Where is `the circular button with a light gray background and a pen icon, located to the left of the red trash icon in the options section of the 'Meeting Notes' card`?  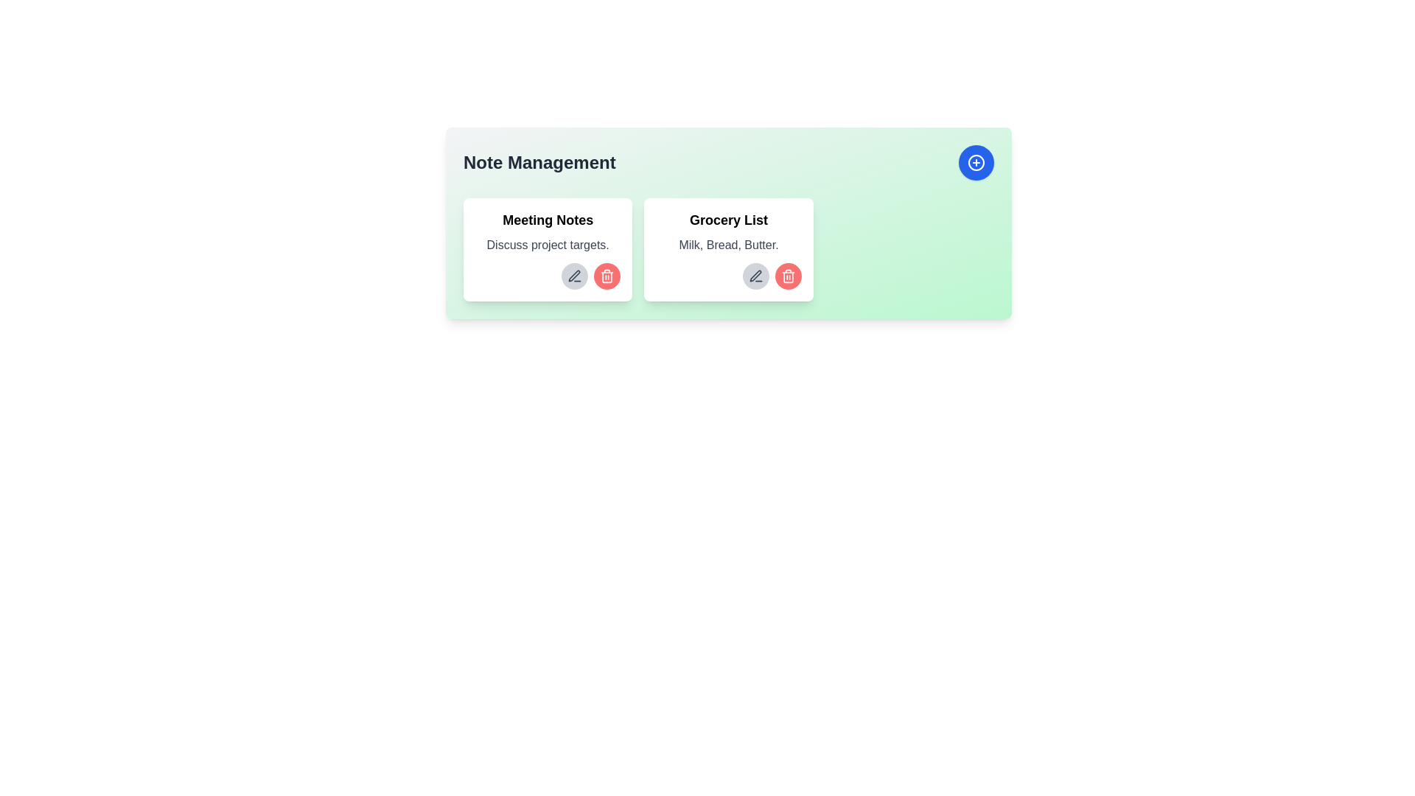 the circular button with a light gray background and a pen icon, located to the left of the red trash icon in the options section of the 'Meeting Notes' card is located at coordinates (574, 276).